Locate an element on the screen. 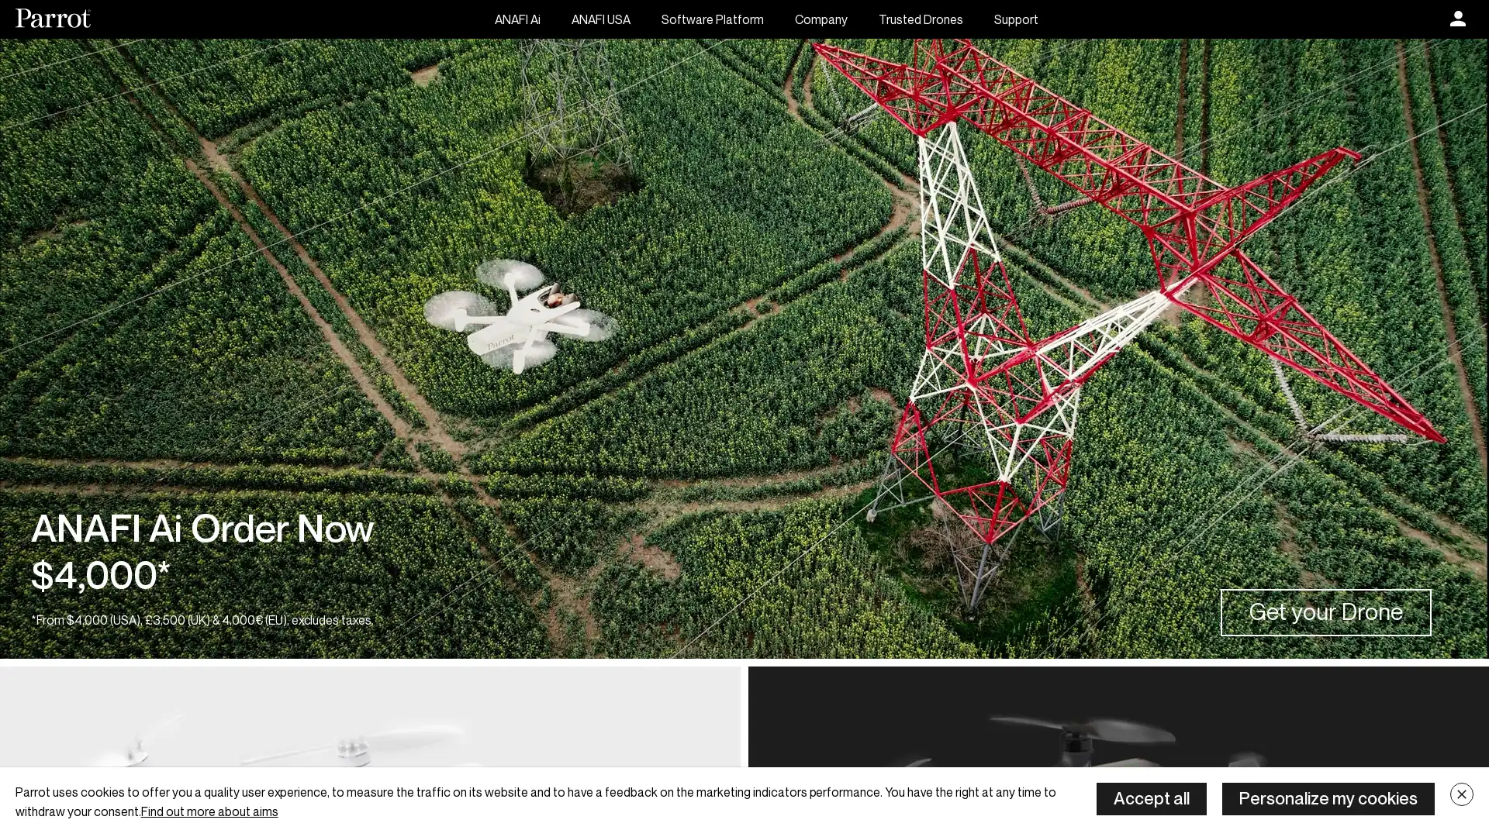 The image size is (1489, 837). Accept all is located at coordinates (1151, 798).